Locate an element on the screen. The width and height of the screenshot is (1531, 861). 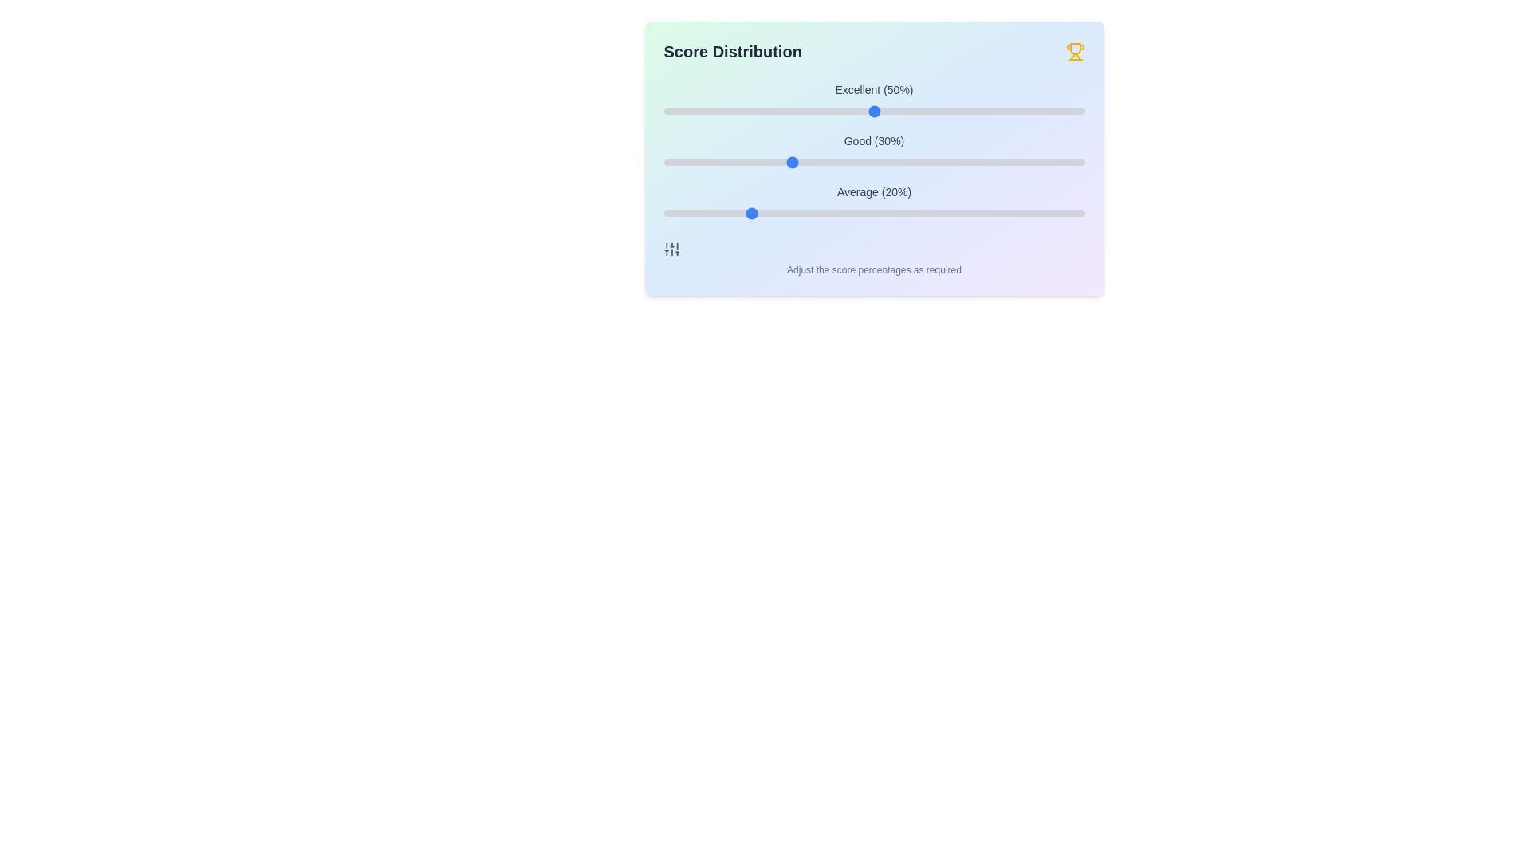
the slider for the 'Good' category to 22% is located at coordinates (755, 163).